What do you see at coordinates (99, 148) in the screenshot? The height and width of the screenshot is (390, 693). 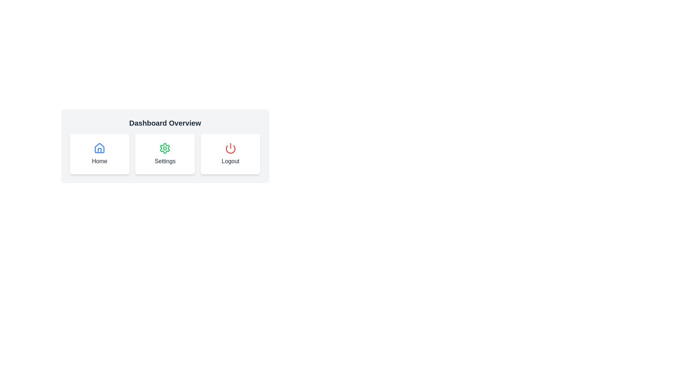 I see `the blue house icon located above the 'Home' text label in the leftmost card of the interface` at bounding box center [99, 148].